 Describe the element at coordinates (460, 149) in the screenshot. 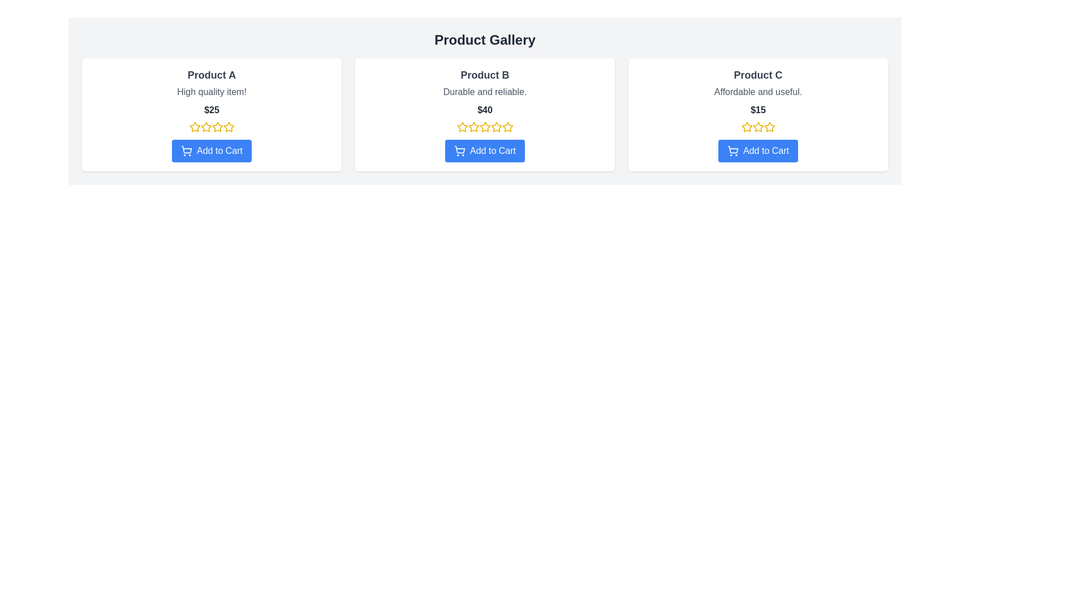

I see `the shopping cart icon located within the 'Add to Cart' button for 'Product B' in the second product card of the 'Product Gallery' section` at that location.